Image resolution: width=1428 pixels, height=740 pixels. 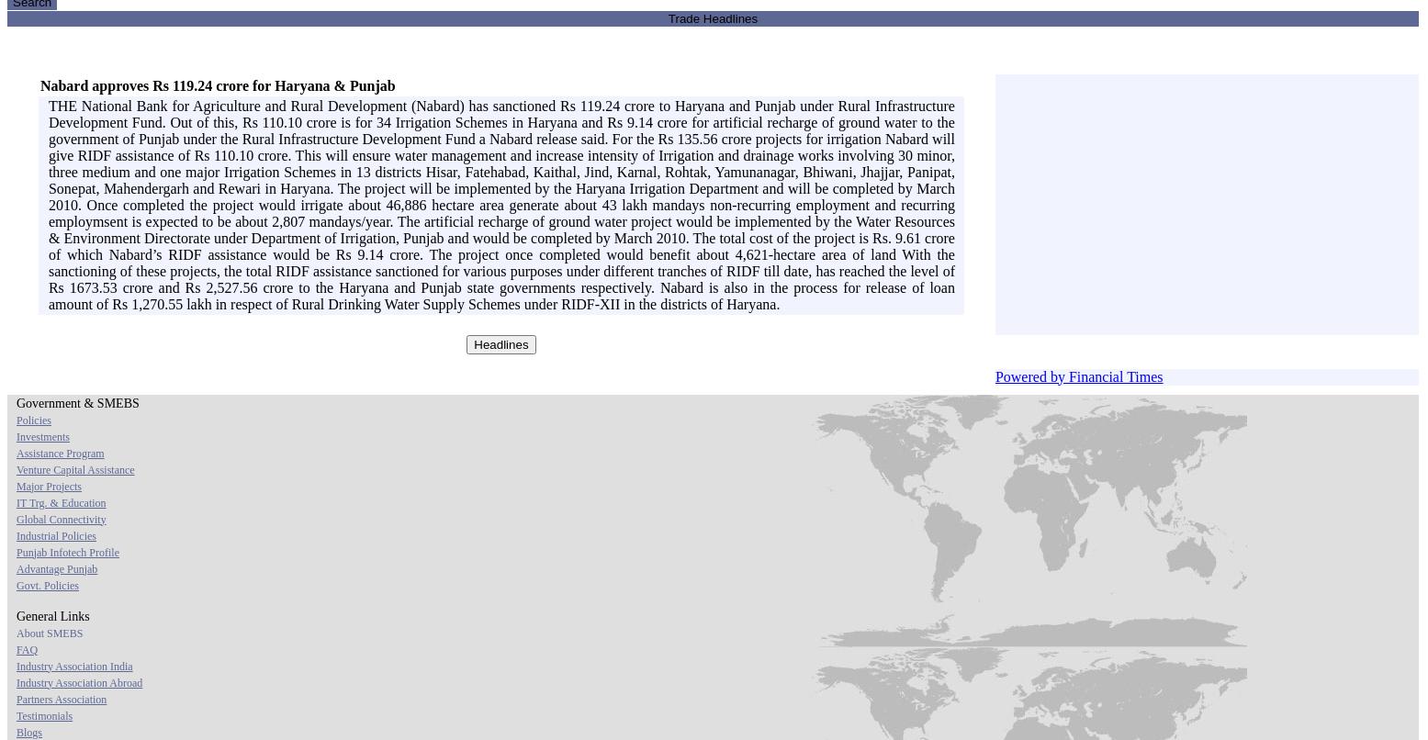 What do you see at coordinates (55, 534) in the screenshot?
I see `'Industrial Policies'` at bounding box center [55, 534].